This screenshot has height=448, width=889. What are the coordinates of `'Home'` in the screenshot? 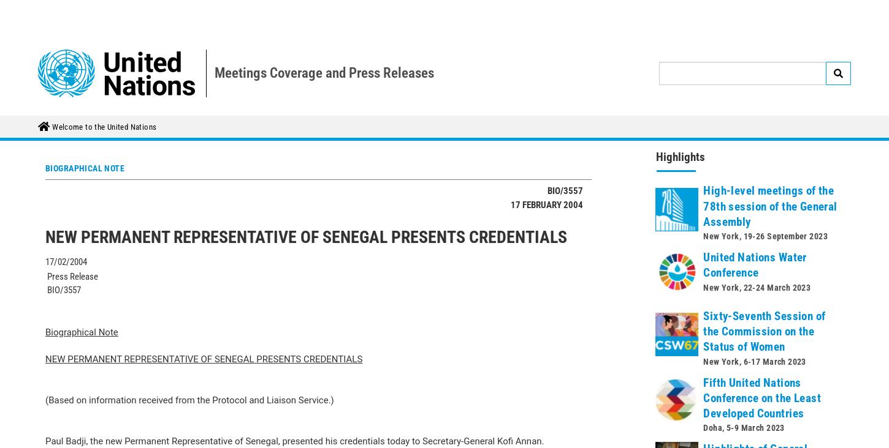 It's located at (68, 10).